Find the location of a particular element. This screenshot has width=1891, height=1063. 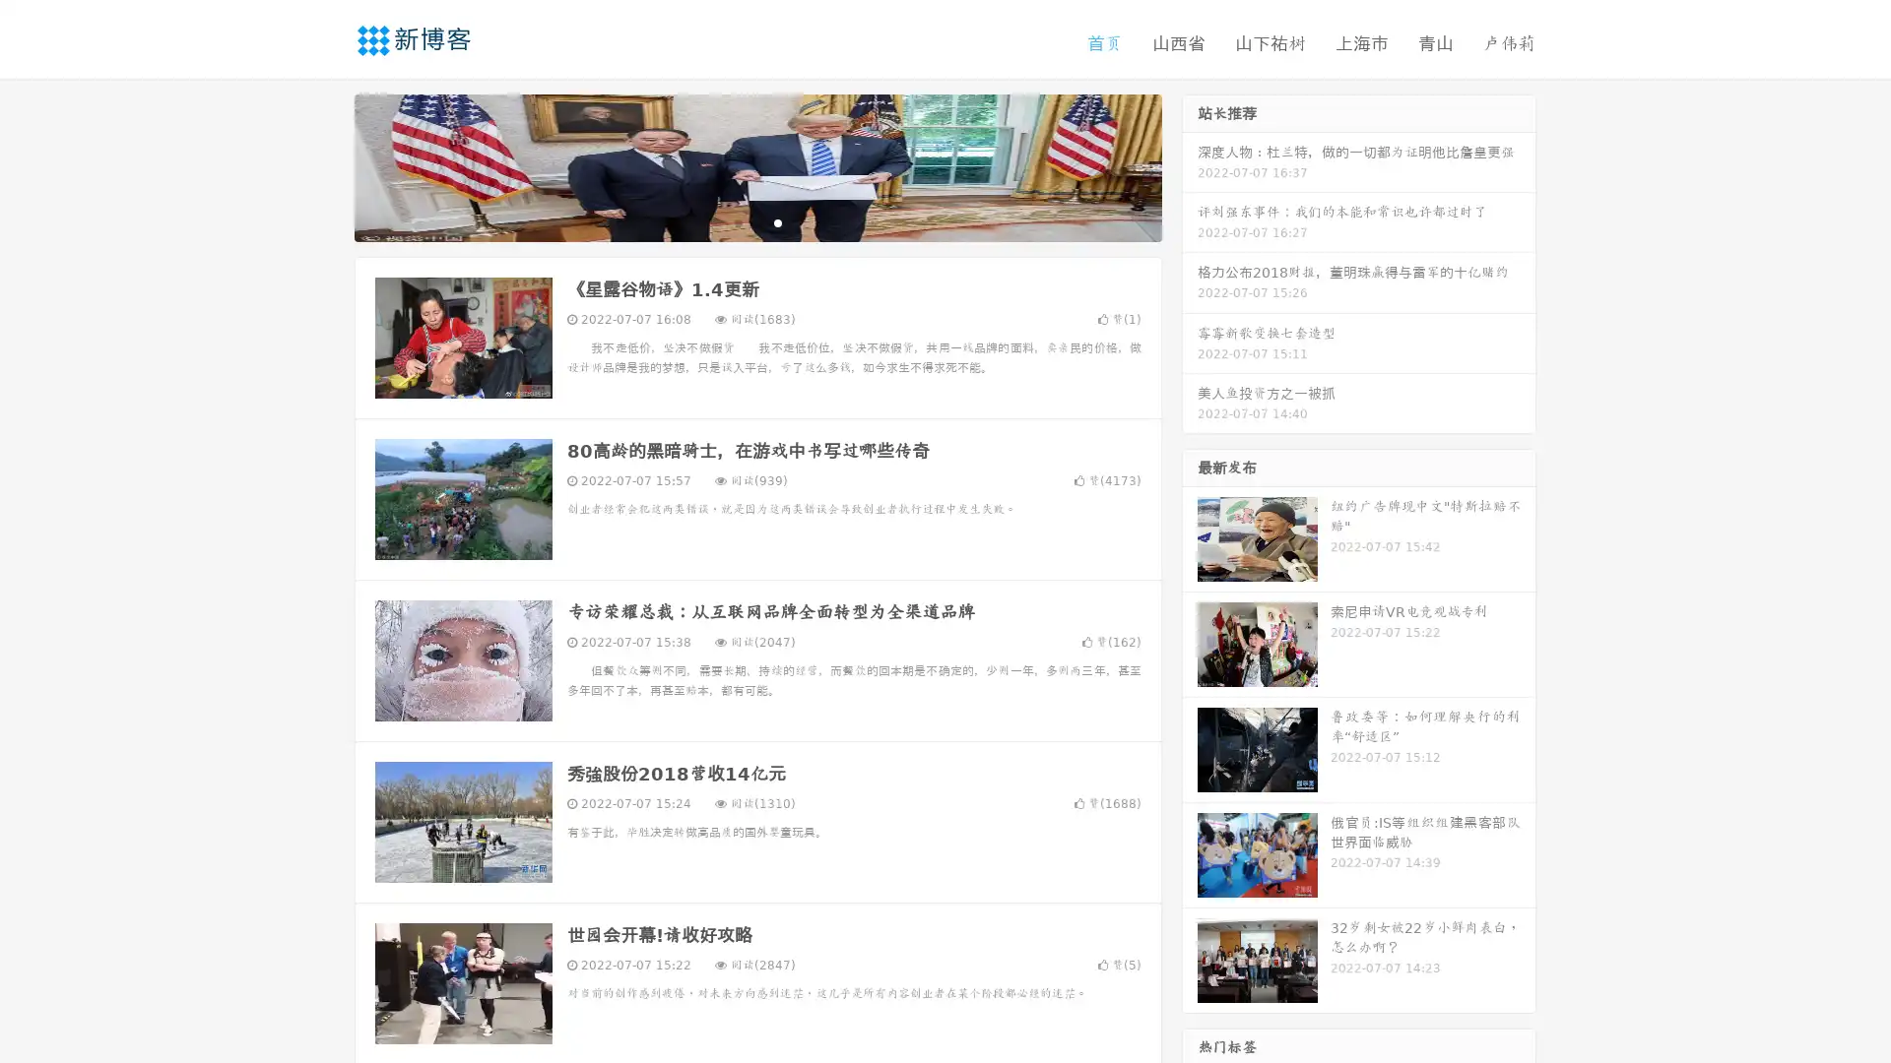

Previous slide is located at coordinates (325, 165).